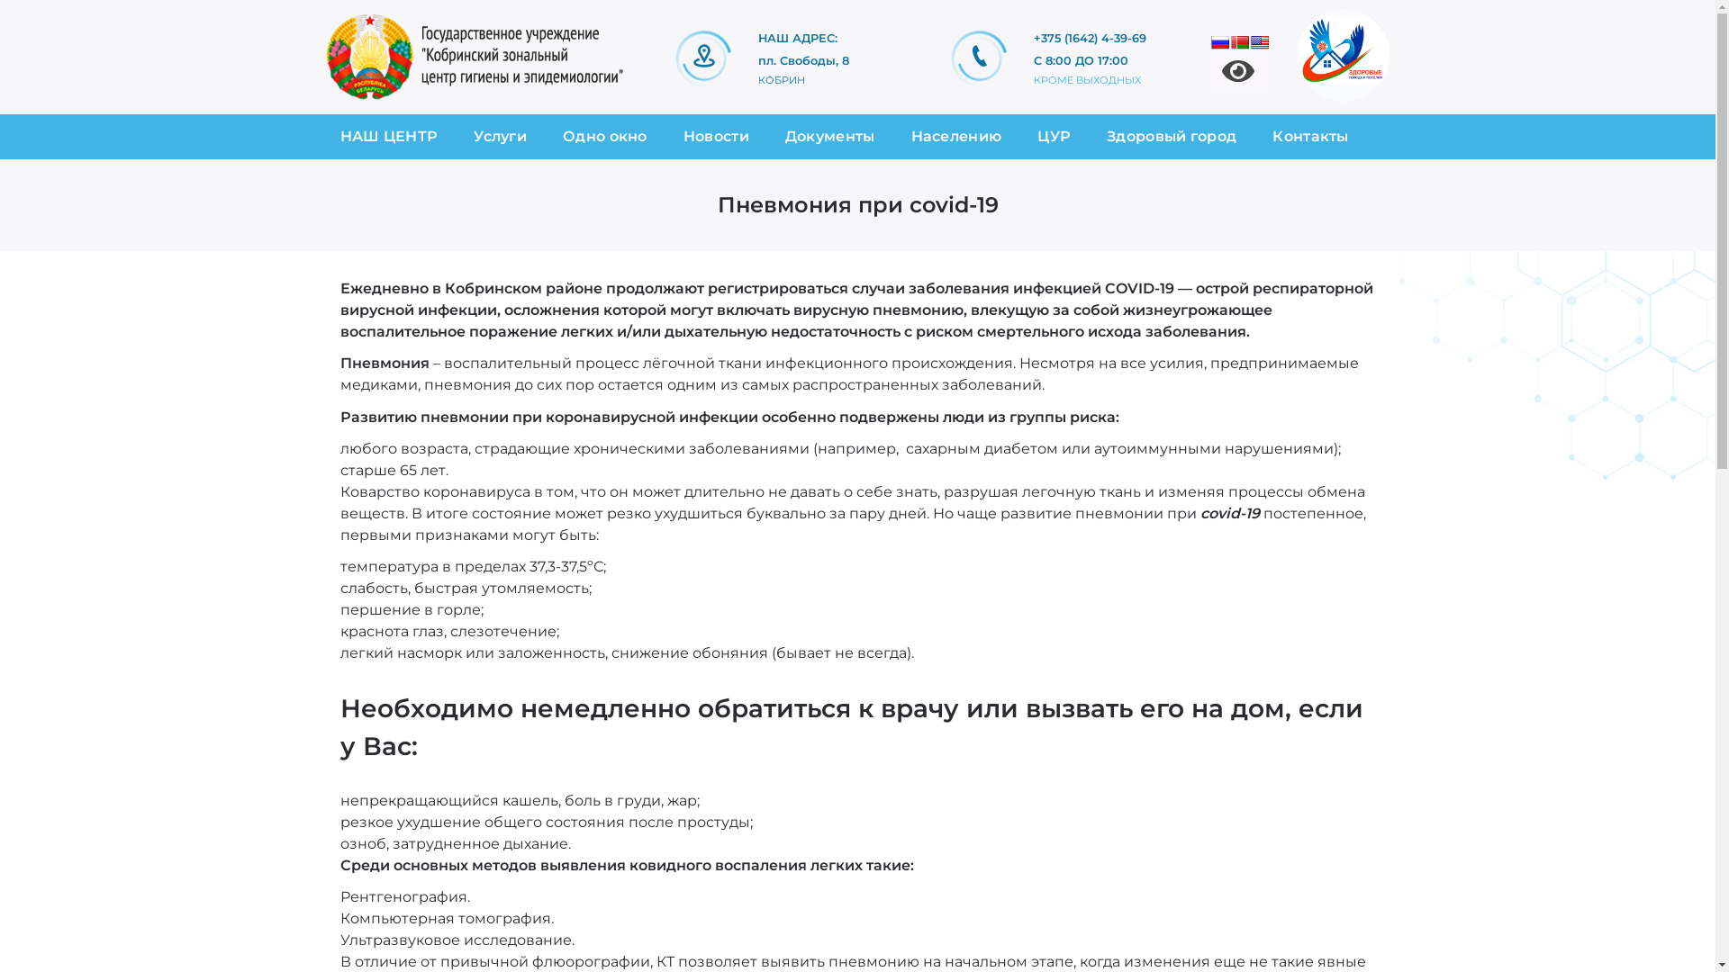 This screenshot has height=972, width=1729. I want to click on 'Belarusian', so click(1239, 40).